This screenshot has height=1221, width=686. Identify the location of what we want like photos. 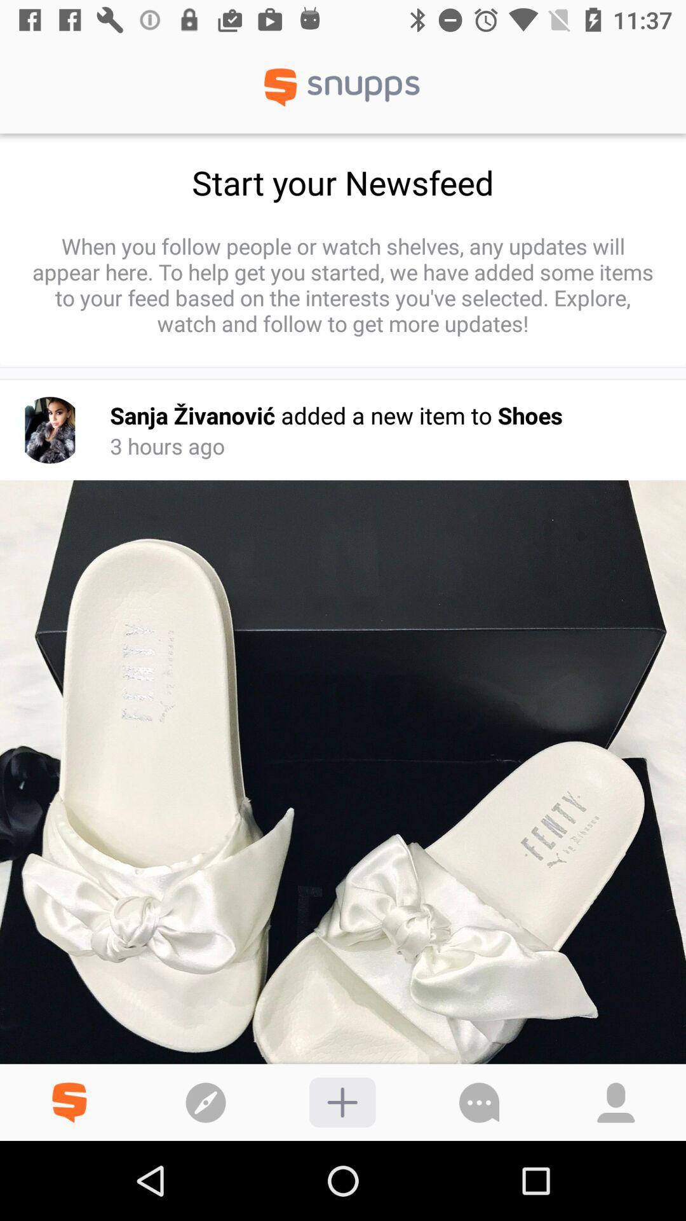
(342, 1101).